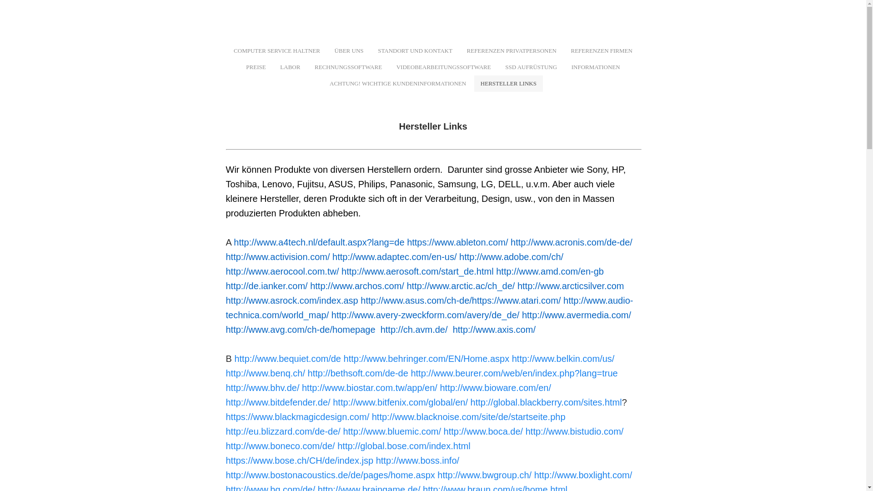 The image size is (873, 491). I want to click on 'https://www.ableton.com/', so click(457, 241).